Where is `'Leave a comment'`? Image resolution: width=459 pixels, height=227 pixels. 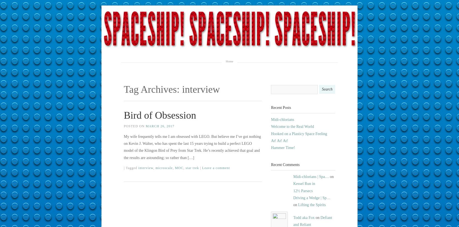 'Leave a comment' is located at coordinates (215, 167).